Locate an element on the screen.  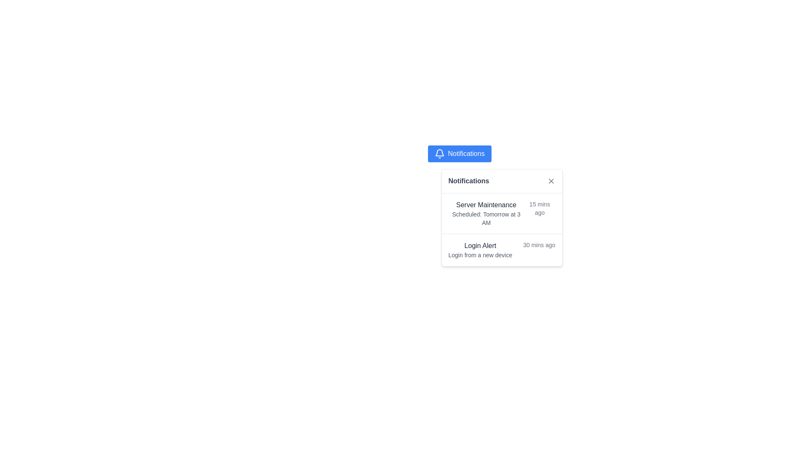
the Notifications button, which is visually represented by a bell icon is located at coordinates (439, 153).